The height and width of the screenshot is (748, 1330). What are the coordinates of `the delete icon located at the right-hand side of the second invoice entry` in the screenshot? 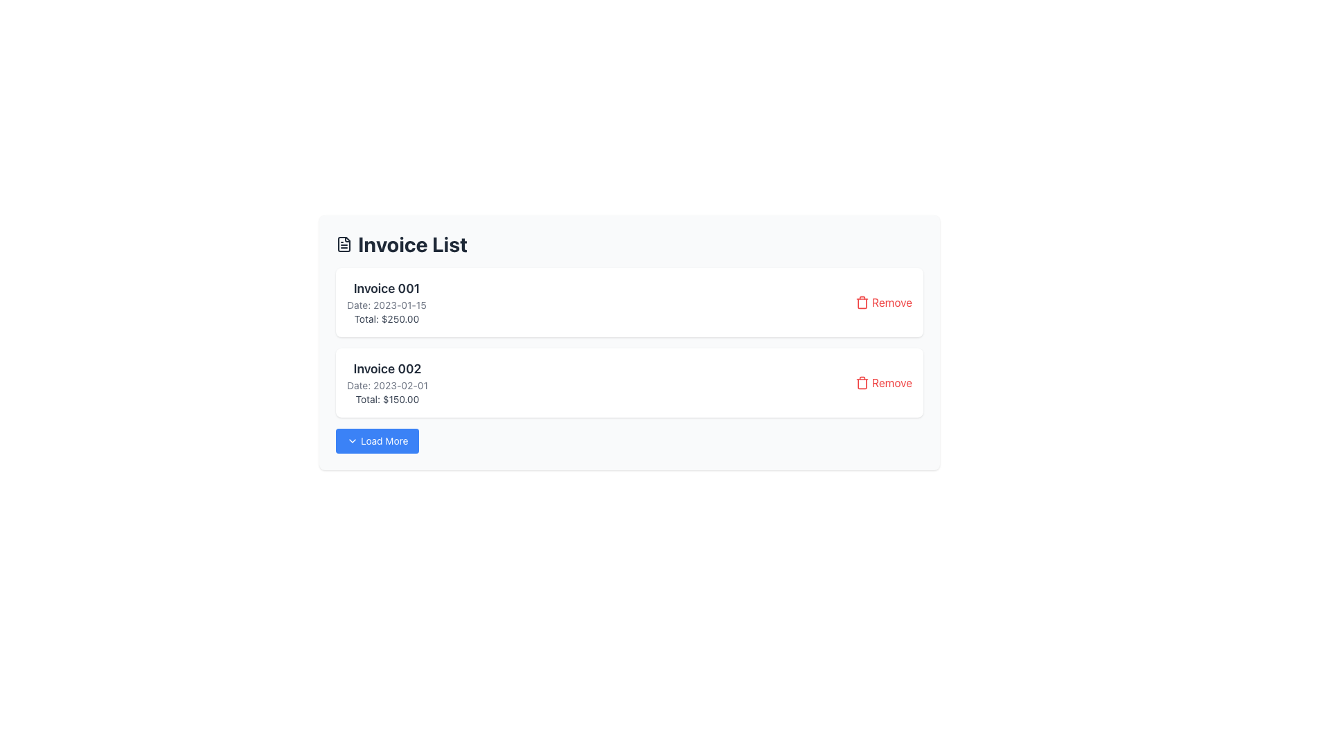 It's located at (861, 382).